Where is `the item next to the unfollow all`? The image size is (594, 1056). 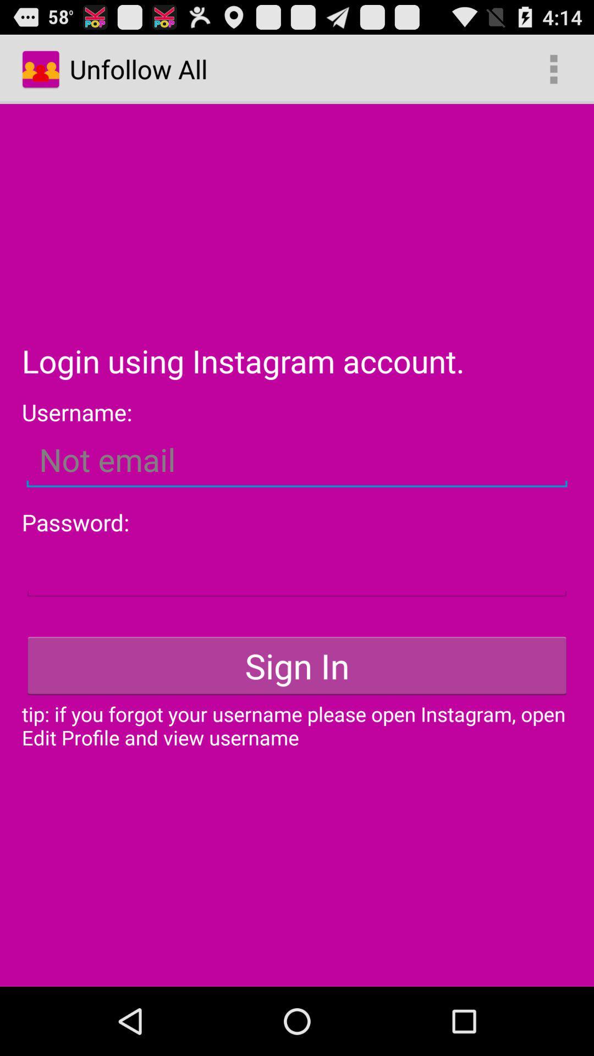 the item next to the unfollow all is located at coordinates (553, 68).